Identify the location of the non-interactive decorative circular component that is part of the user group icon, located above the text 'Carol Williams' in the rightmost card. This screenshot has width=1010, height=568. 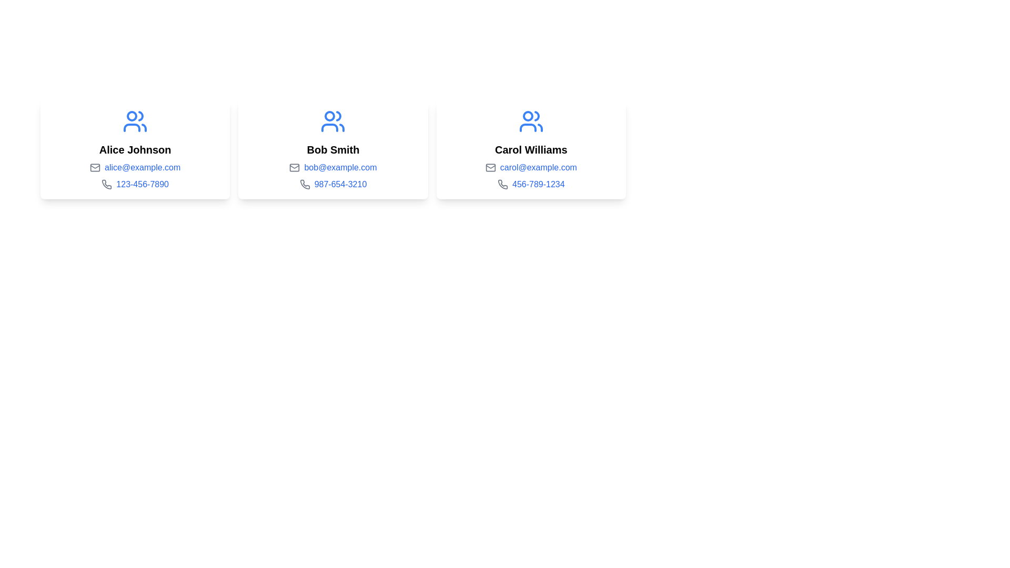
(528, 116).